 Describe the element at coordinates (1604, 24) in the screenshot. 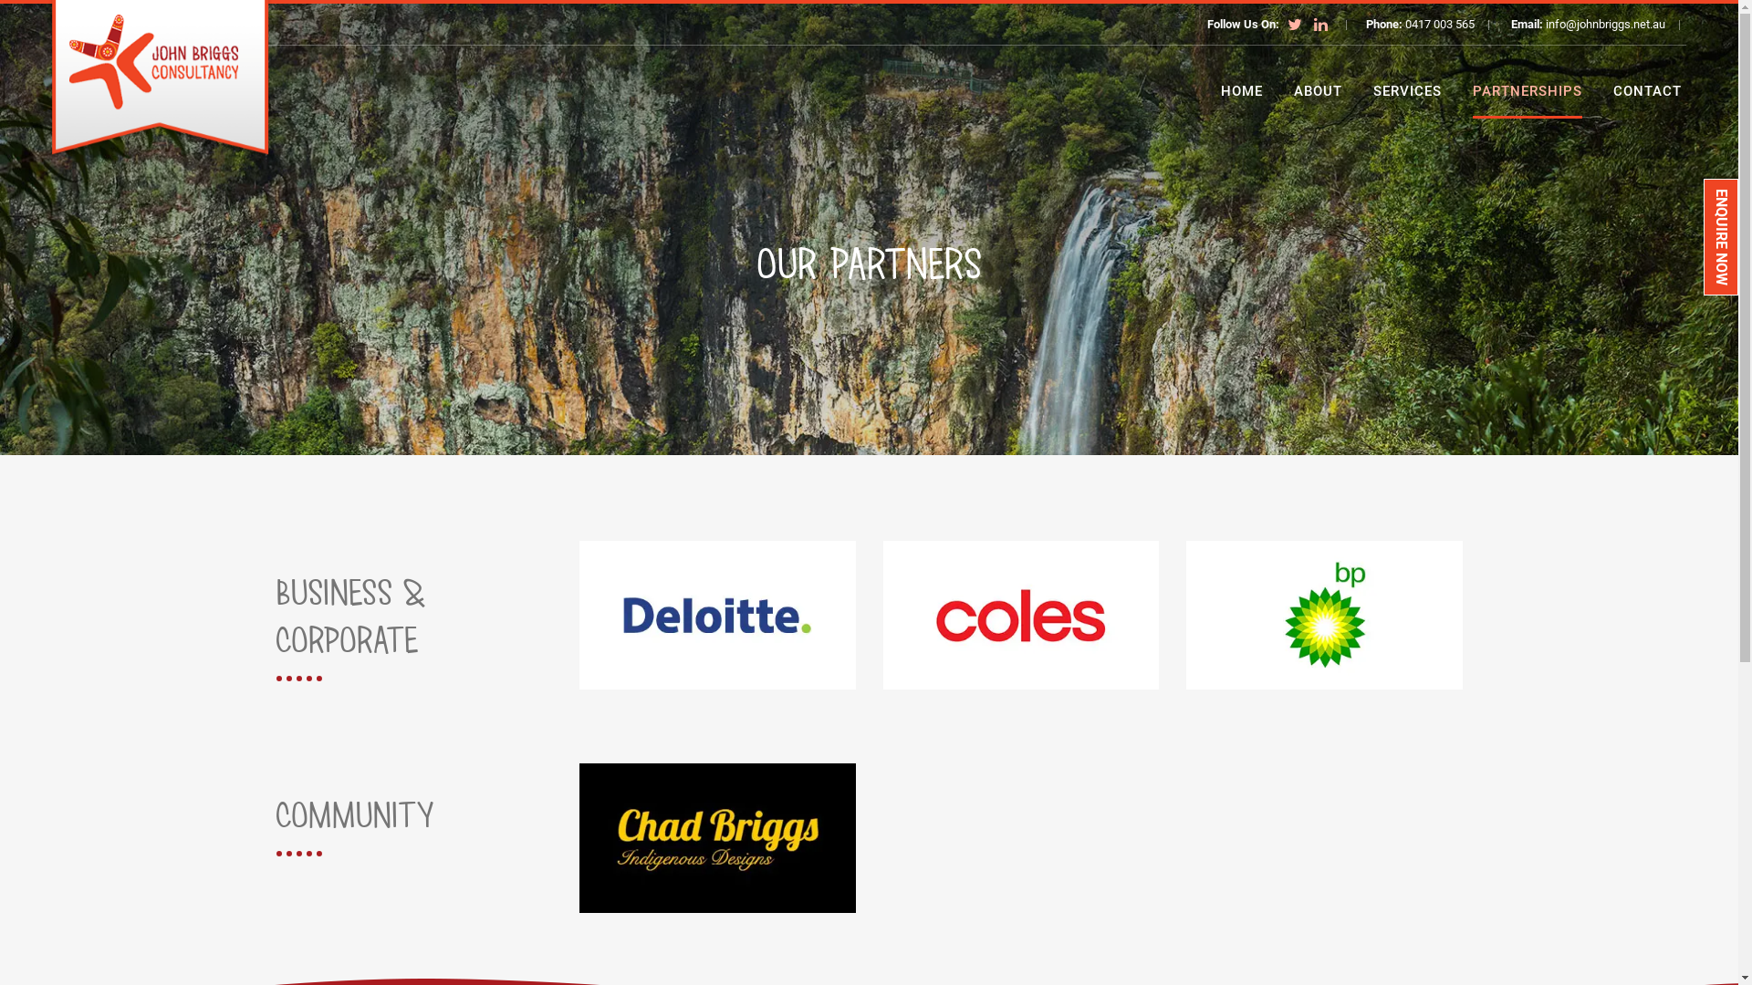

I see `'info@johnbriggs.net.au'` at that location.